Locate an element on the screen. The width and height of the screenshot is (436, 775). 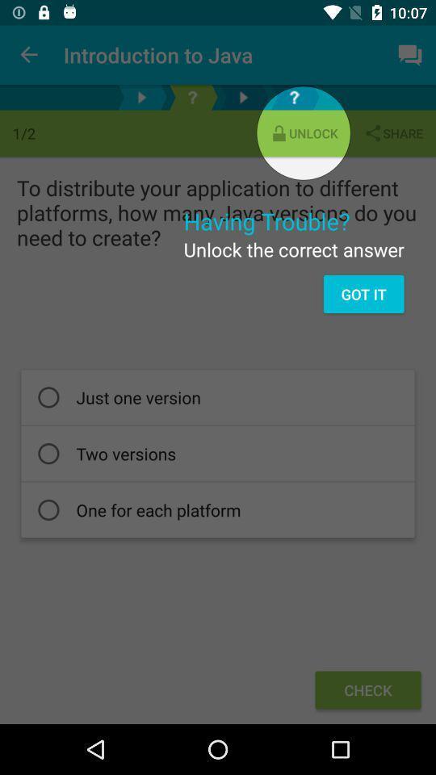
lock option is located at coordinates (192, 97).